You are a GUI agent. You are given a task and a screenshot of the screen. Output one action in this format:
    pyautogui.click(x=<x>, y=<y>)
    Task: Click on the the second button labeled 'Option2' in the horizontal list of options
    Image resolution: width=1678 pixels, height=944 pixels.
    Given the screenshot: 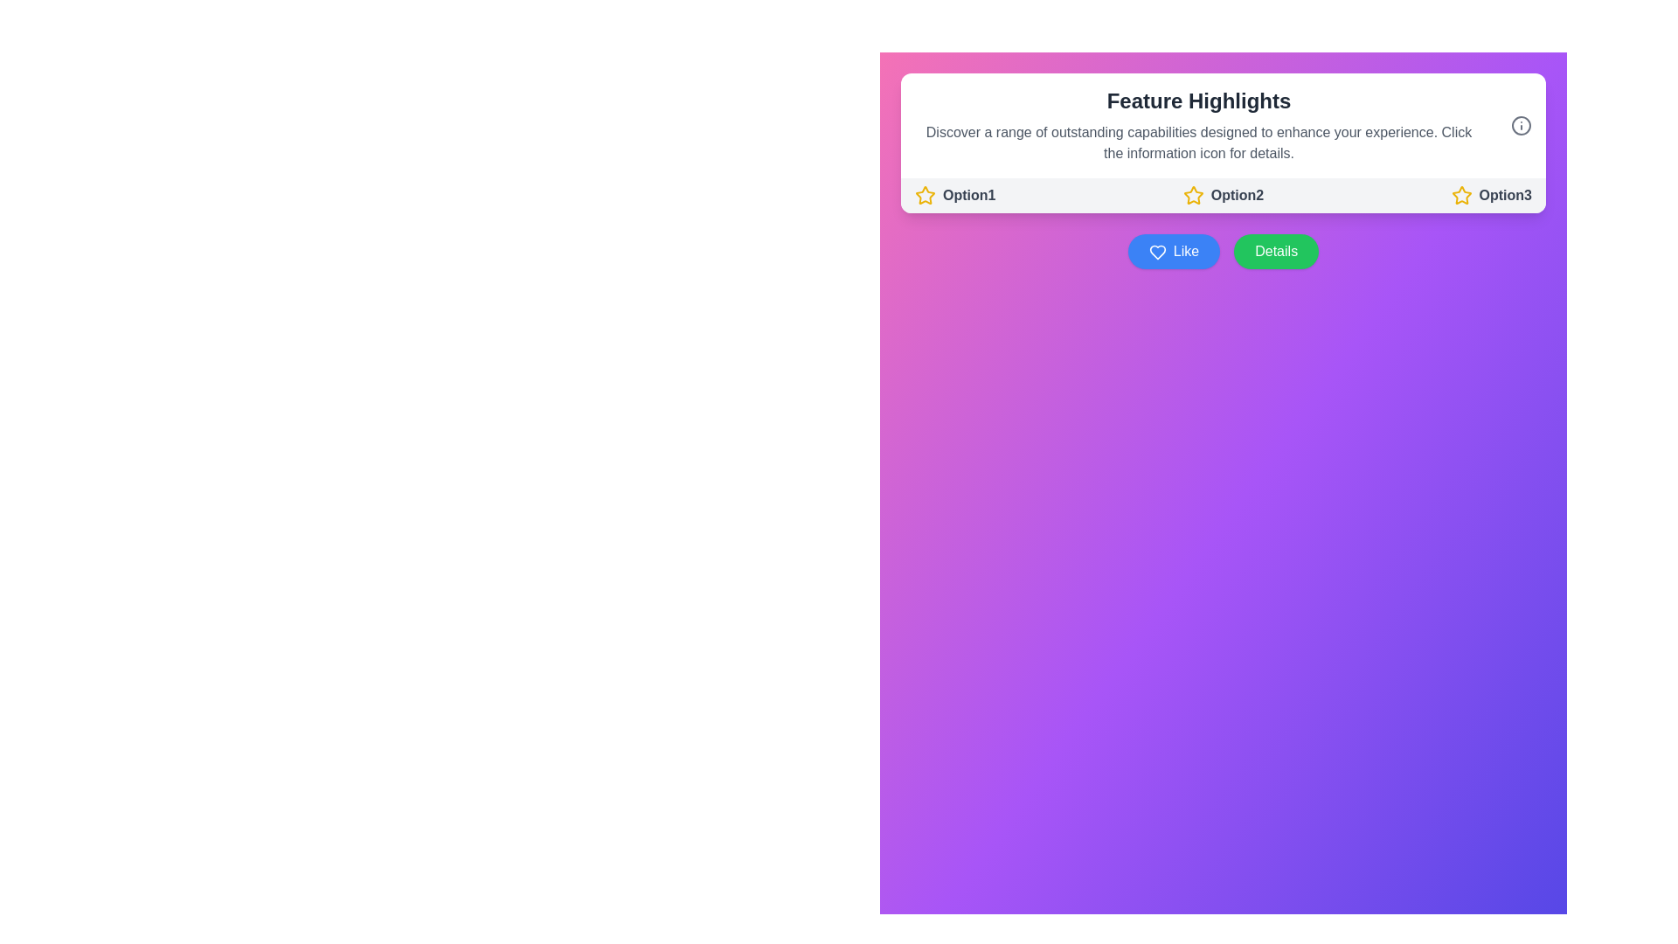 What is the action you would take?
    pyautogui.click(x=1223, y=195)
    